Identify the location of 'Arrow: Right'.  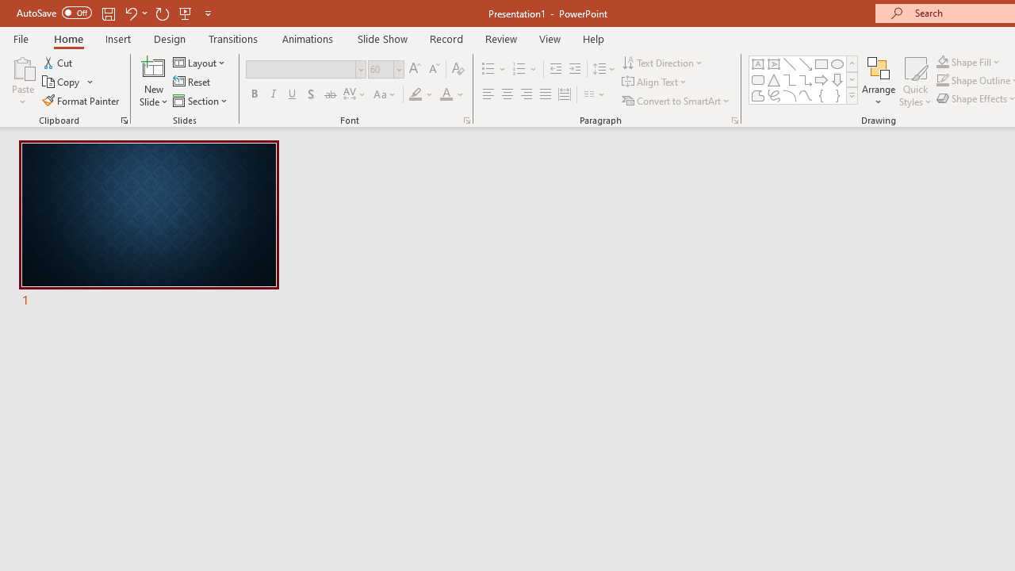
(822, 79).